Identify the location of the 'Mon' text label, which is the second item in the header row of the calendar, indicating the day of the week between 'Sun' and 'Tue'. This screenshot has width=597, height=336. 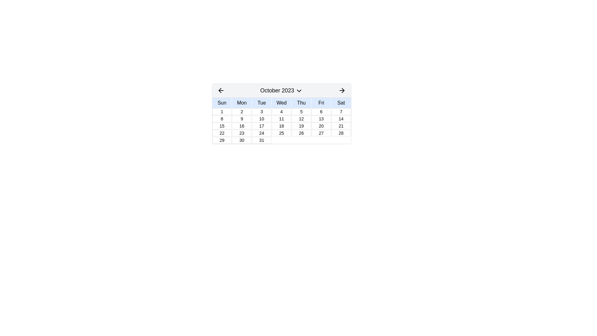
(241, 103).